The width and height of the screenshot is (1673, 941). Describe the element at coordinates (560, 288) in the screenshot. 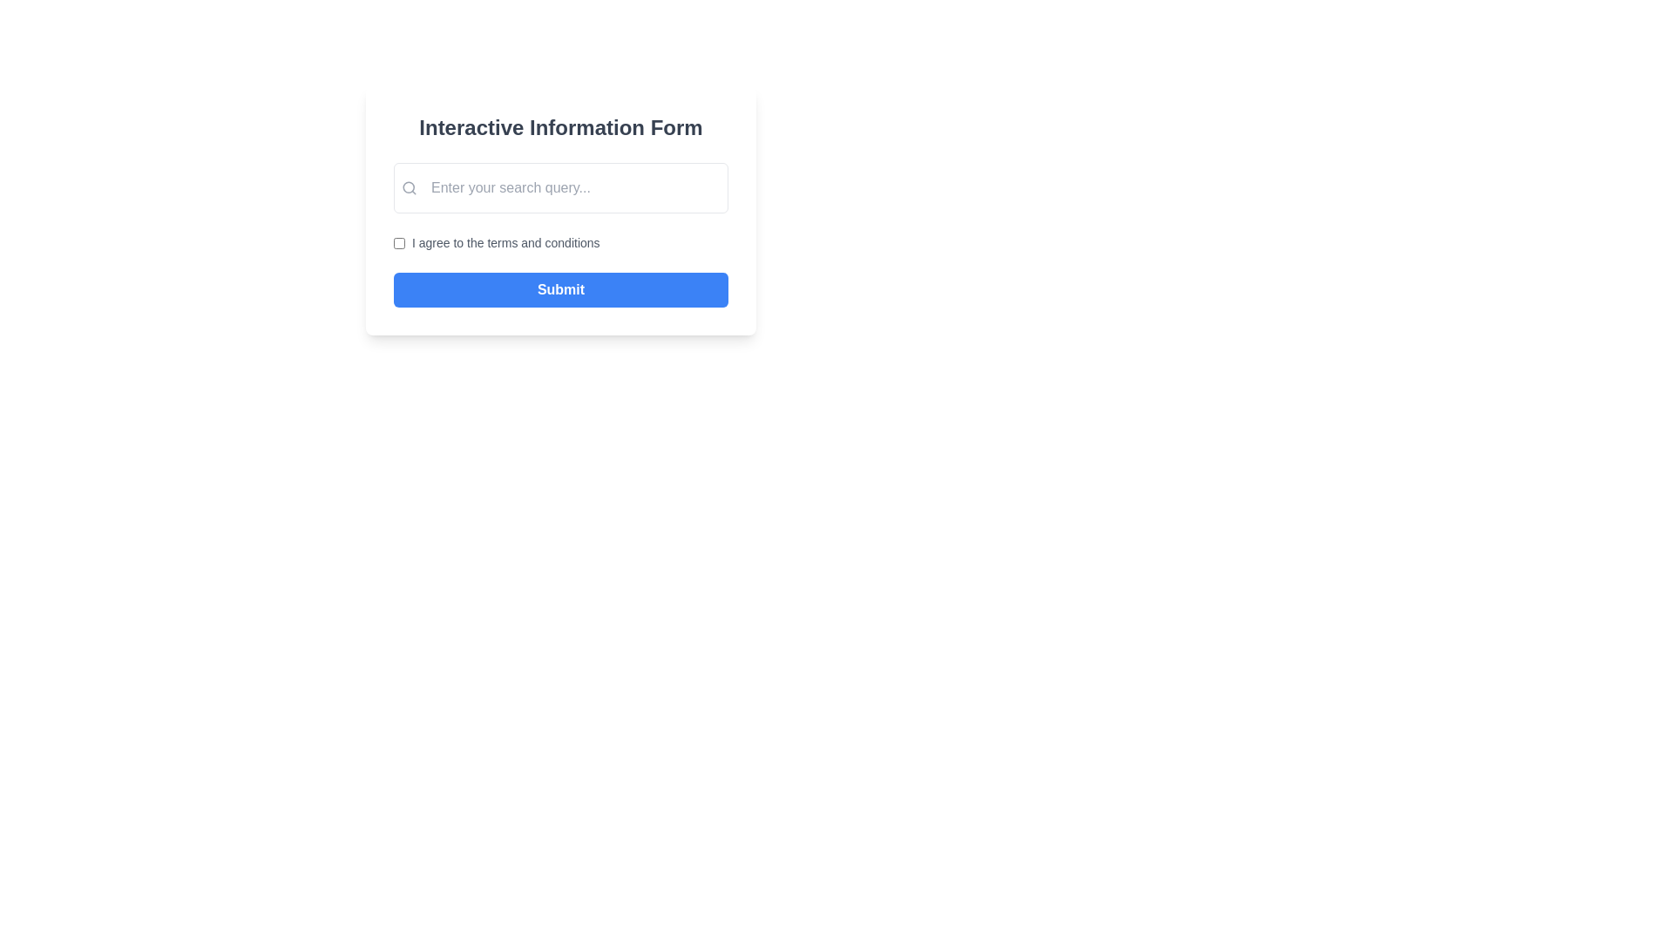

I see `the 'Submit' button, which is a rectangular button with a blue background and white text, located at the bottom of a form layout` at that location.